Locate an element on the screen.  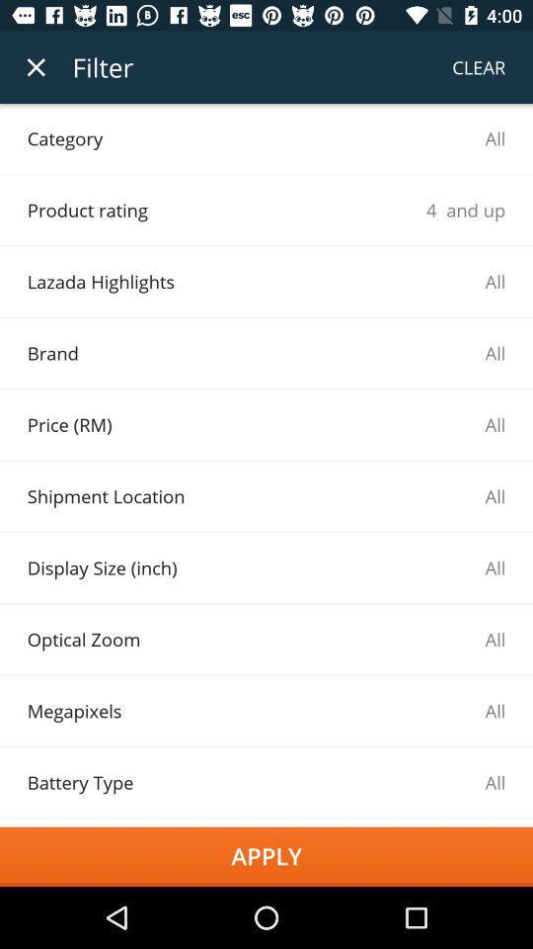
icon to the right of filter icon is located at coordinates (478, 67).